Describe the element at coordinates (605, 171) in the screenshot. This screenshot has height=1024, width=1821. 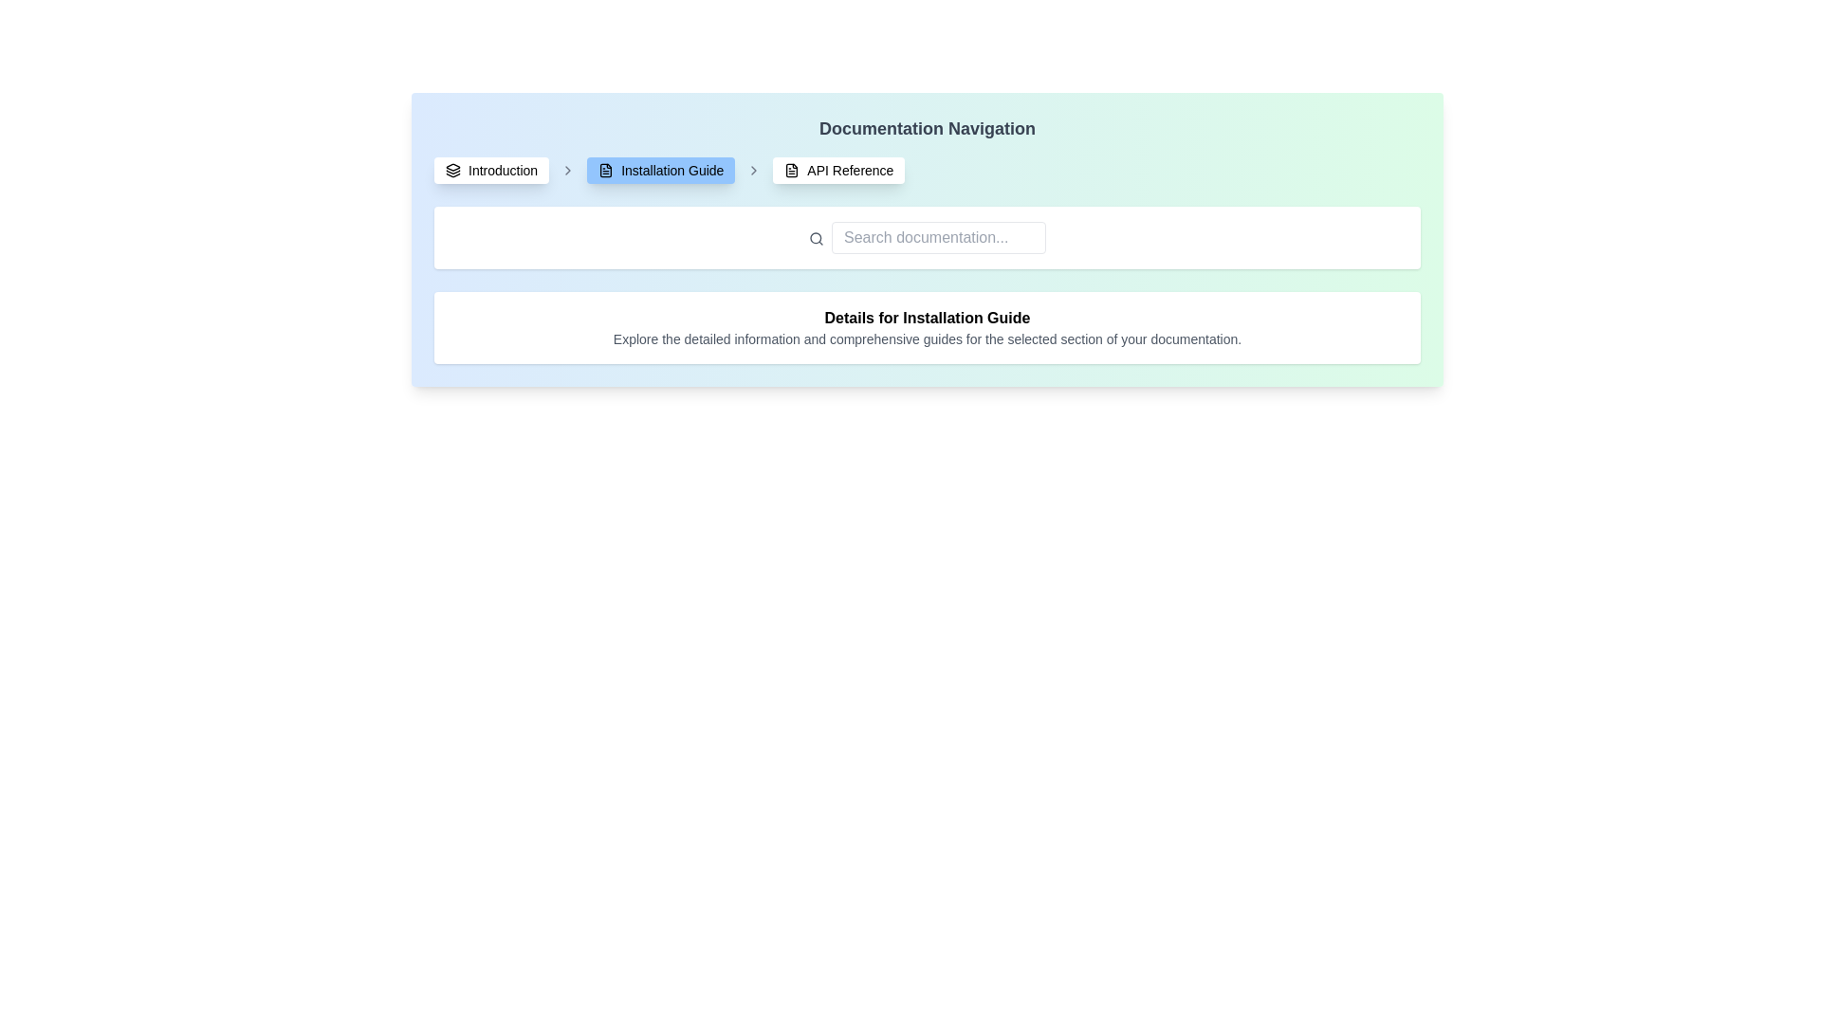
I see `the 'Installation Guide' button which contains the icon indicating the guide section, located towards the left side of the button text` at that location.